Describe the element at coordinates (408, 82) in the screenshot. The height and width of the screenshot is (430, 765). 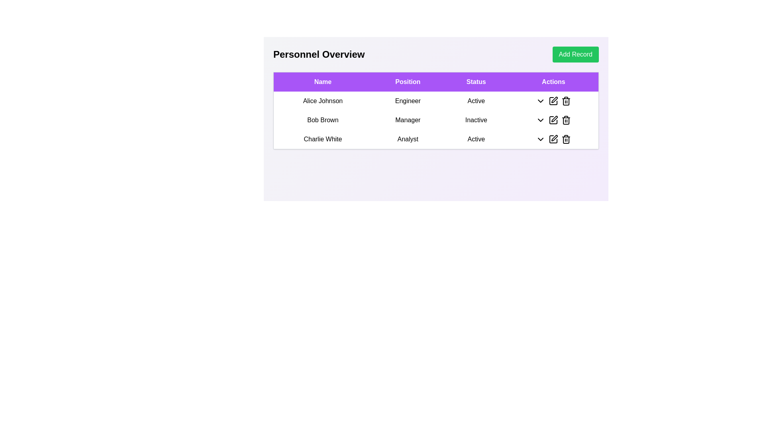
I see `the 'Position' text label, which is styled in white on a purple background, located in the header row of the table between 'Name' and 'Status'` at that location.